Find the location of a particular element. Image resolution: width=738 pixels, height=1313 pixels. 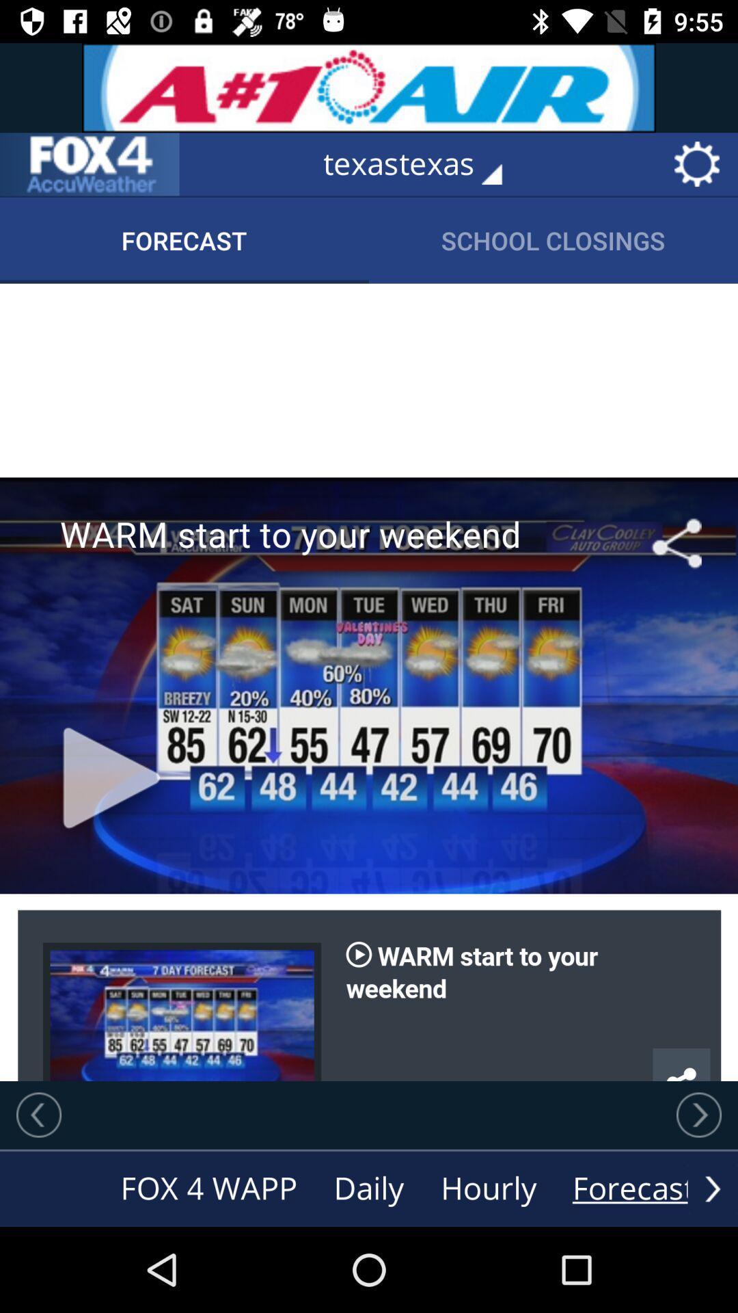

go back is located at coordinates (38, 1115).